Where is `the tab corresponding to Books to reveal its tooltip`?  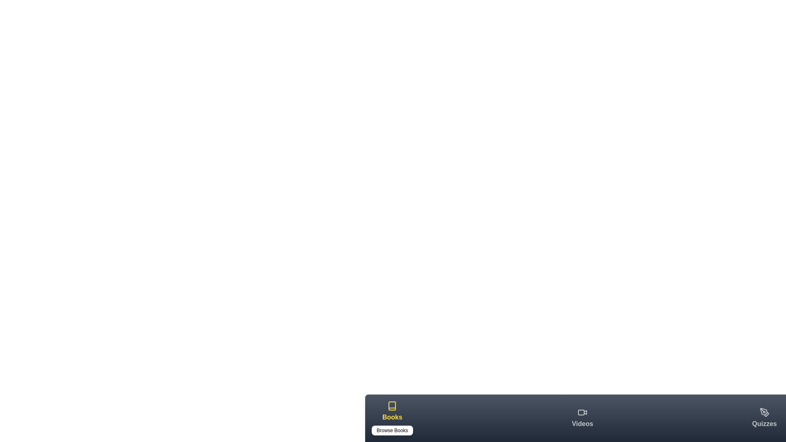
the tab corresponding to Books to reveal its tooltip is located at coordinates (392, 418).